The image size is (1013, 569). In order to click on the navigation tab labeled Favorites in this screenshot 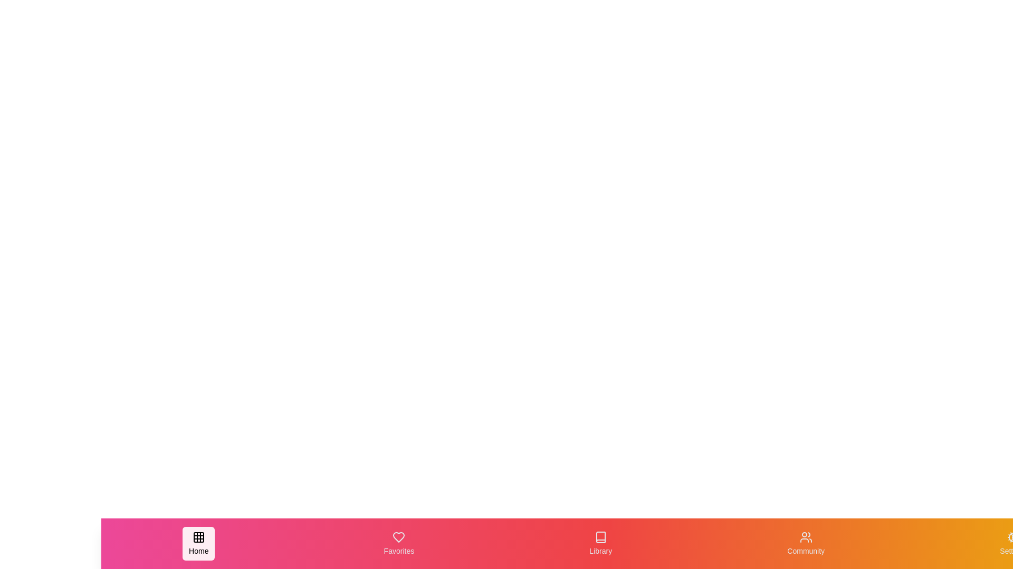, I will do `click(398, 544)`.